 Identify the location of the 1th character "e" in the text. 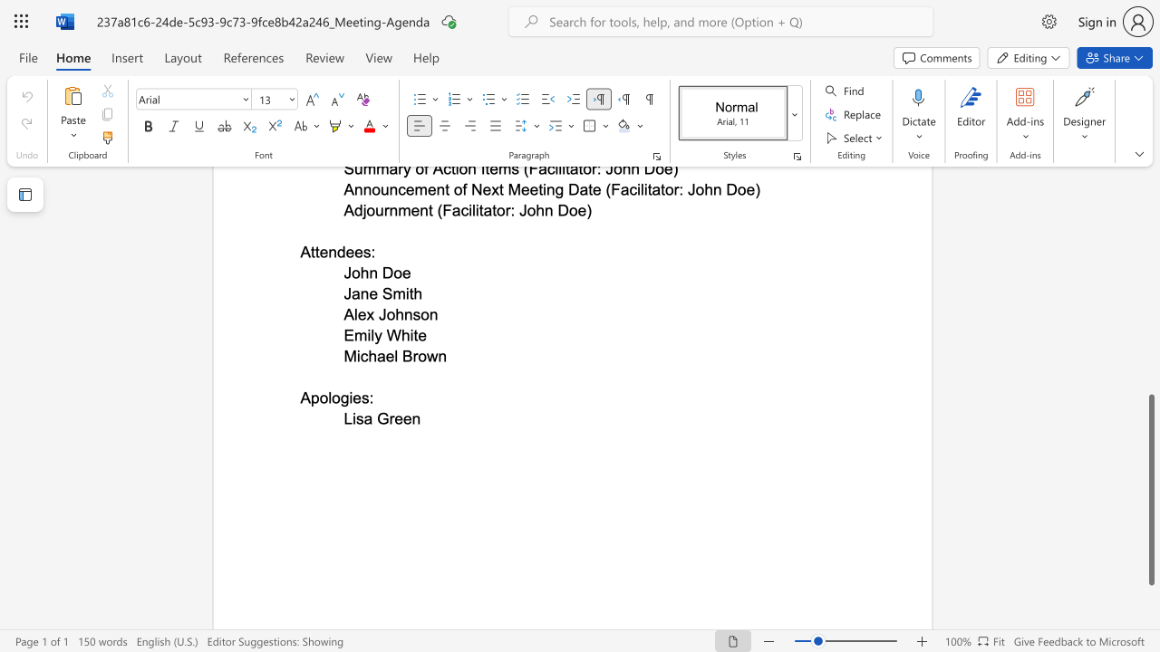
(398, 418).